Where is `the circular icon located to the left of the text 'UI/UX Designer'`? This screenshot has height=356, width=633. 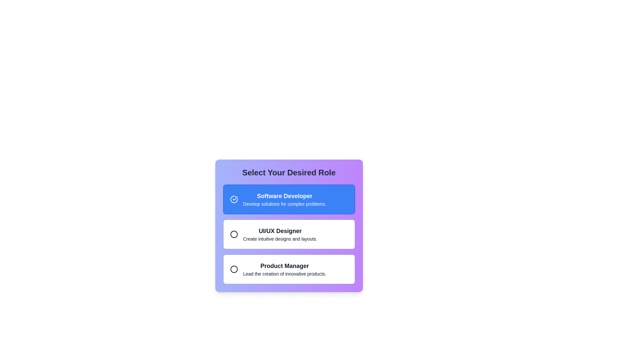
the circular icon located to the left of the text 'UI/UX Designer' is located at coordinates (234, 234).